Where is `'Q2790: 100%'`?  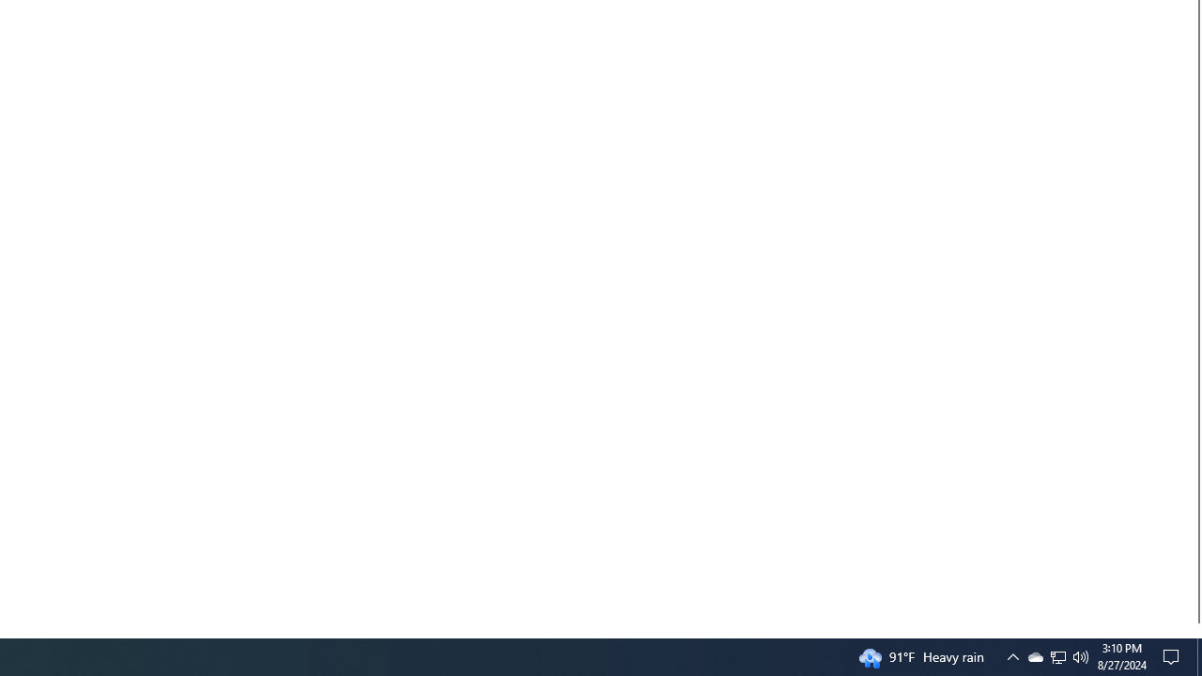 'Q2790: 100%' is located at coordinates (1058, 655).